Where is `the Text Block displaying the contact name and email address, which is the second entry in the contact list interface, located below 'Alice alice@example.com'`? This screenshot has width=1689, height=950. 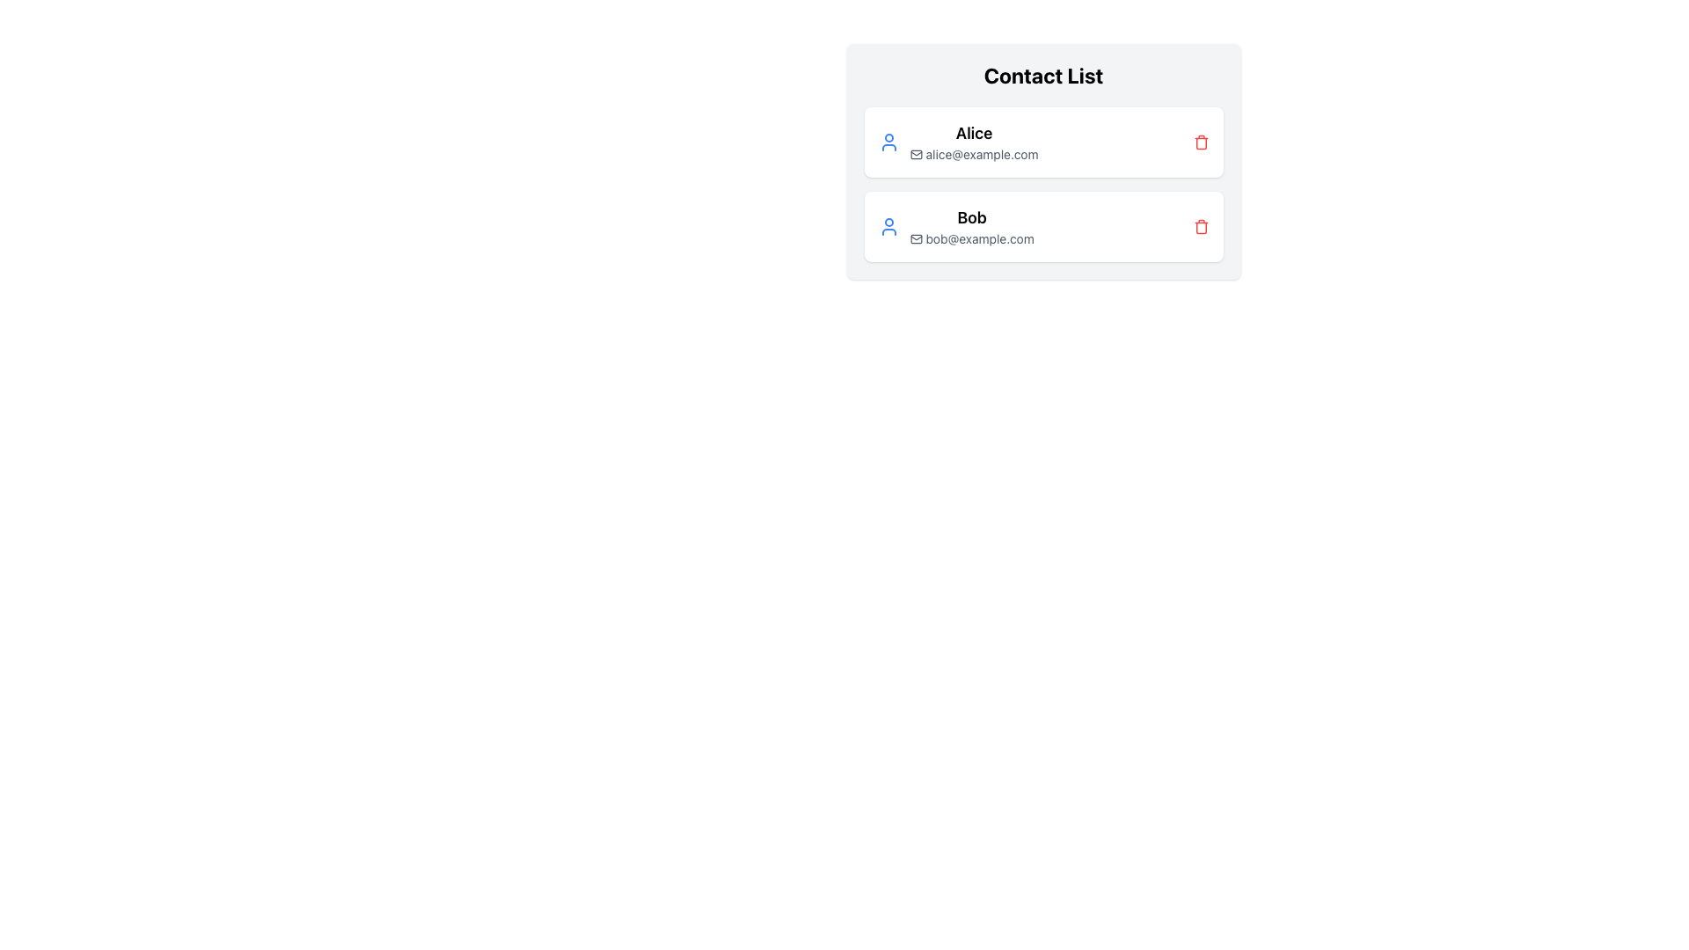
the Text Block displaying the contact name and email address, which is the second entry in the contact list interface, located below 'Alice alice@example.com' is located at coordinates (971, 226).